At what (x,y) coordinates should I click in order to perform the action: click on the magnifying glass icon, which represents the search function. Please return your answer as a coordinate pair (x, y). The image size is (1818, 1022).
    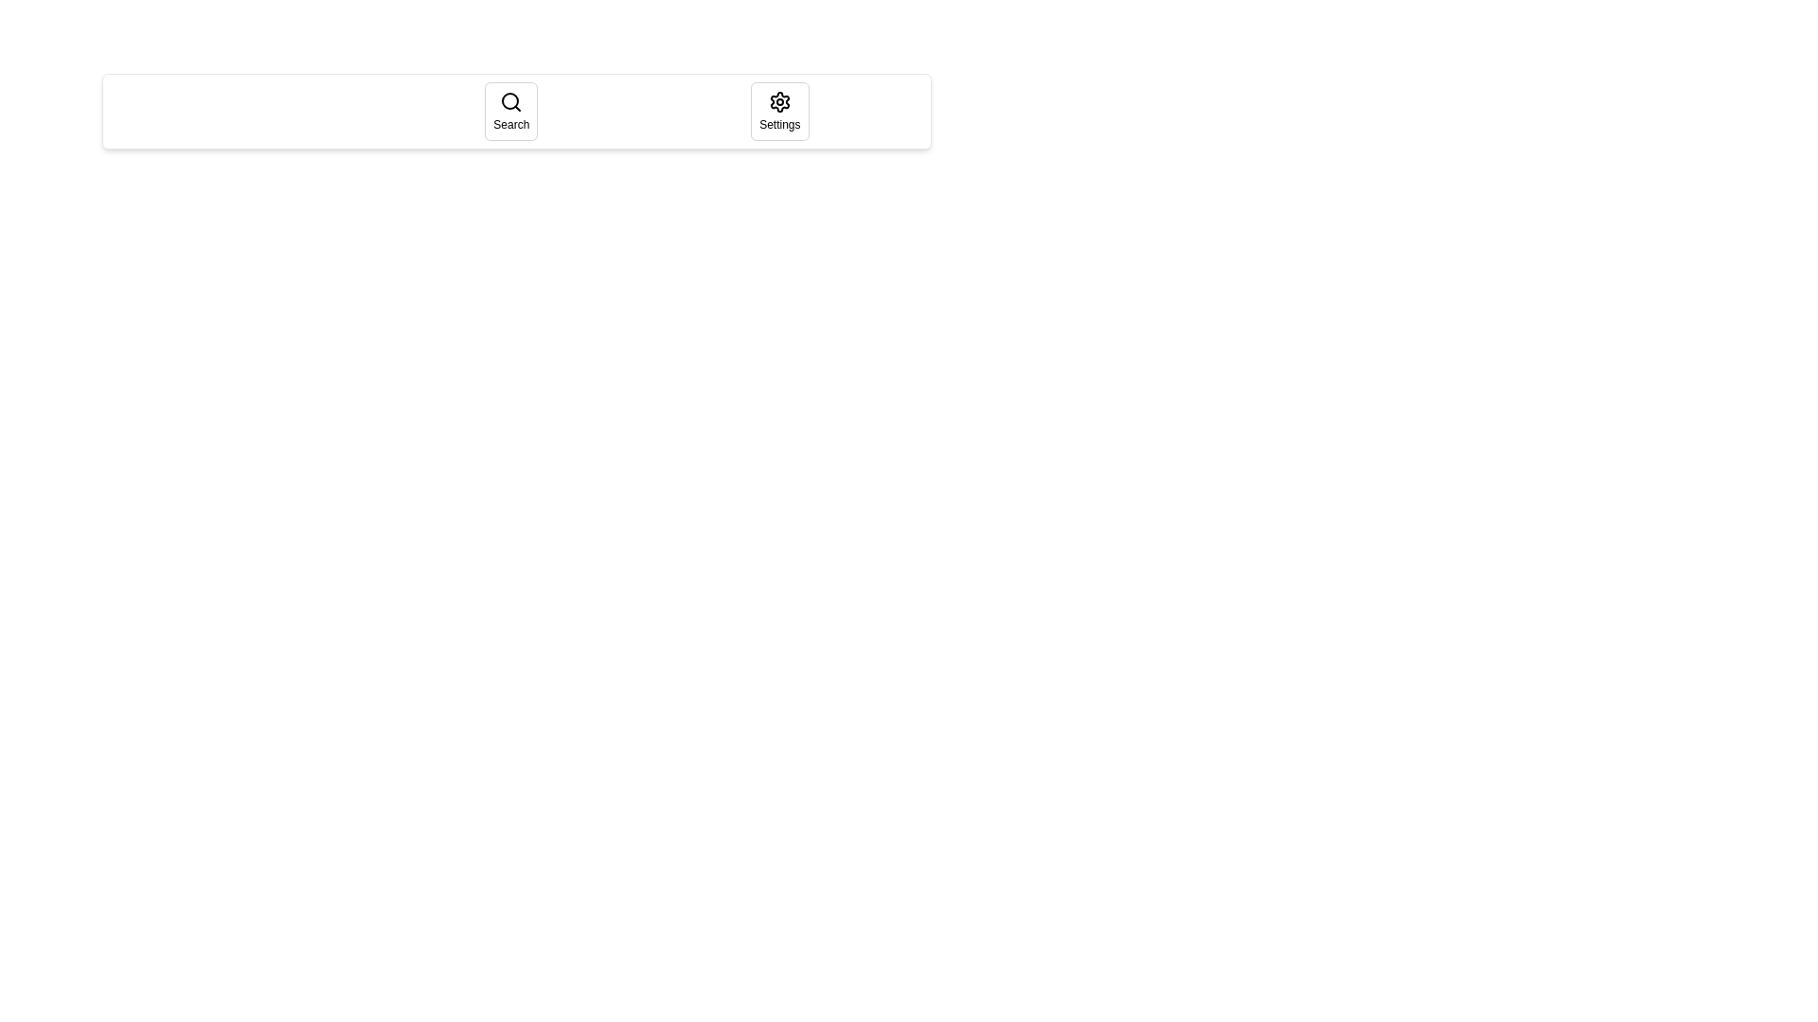
    Looking at the image, I should click on (511, 102).